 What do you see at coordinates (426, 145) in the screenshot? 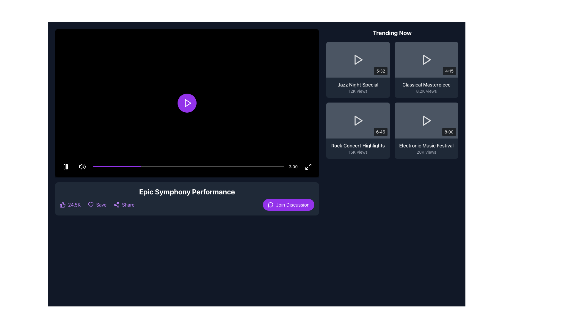
I see `text of the 'Electronic Music Festival' label located in the bottom-right corner of the 'Trending Now' section, above the '20K views' label` at bounding box center [426, 145].